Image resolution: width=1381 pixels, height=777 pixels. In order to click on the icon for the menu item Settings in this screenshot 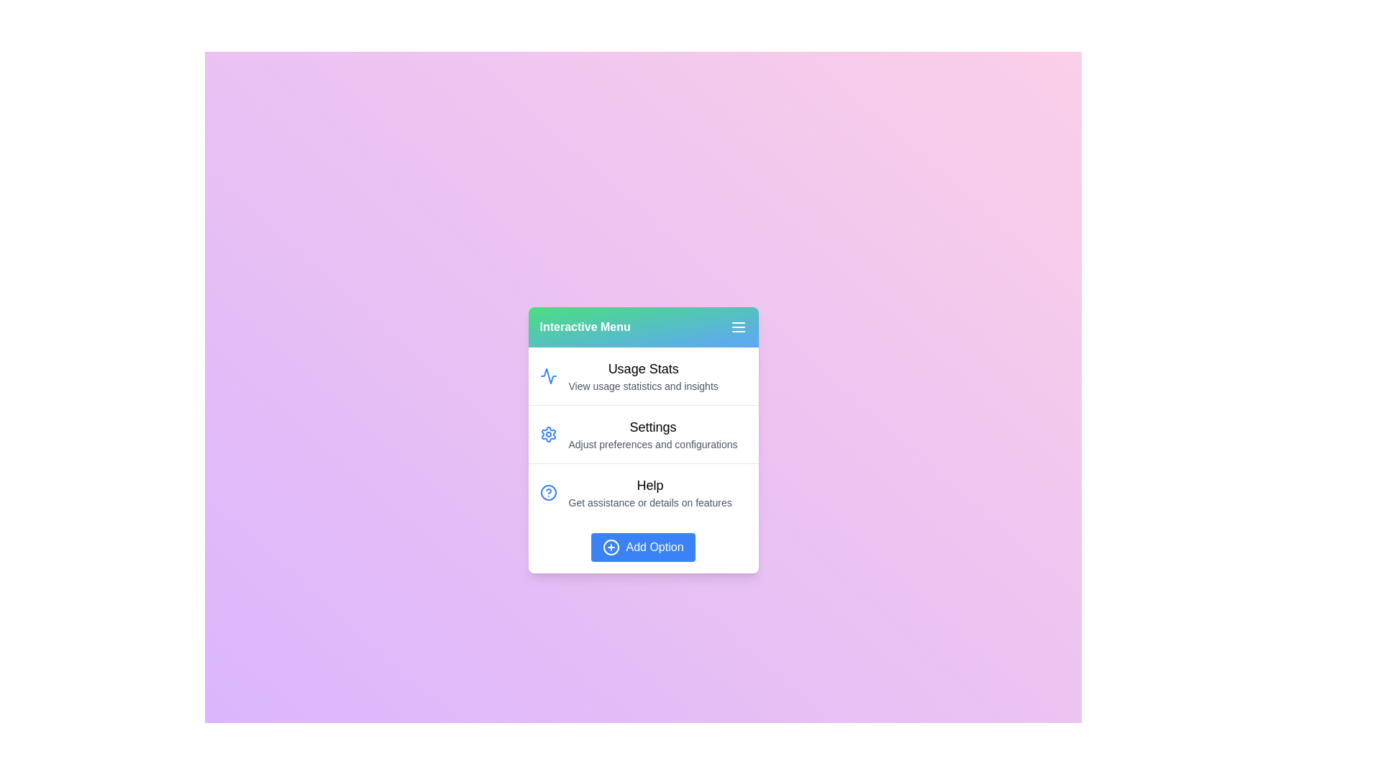, I will do `click(547, 434)`.